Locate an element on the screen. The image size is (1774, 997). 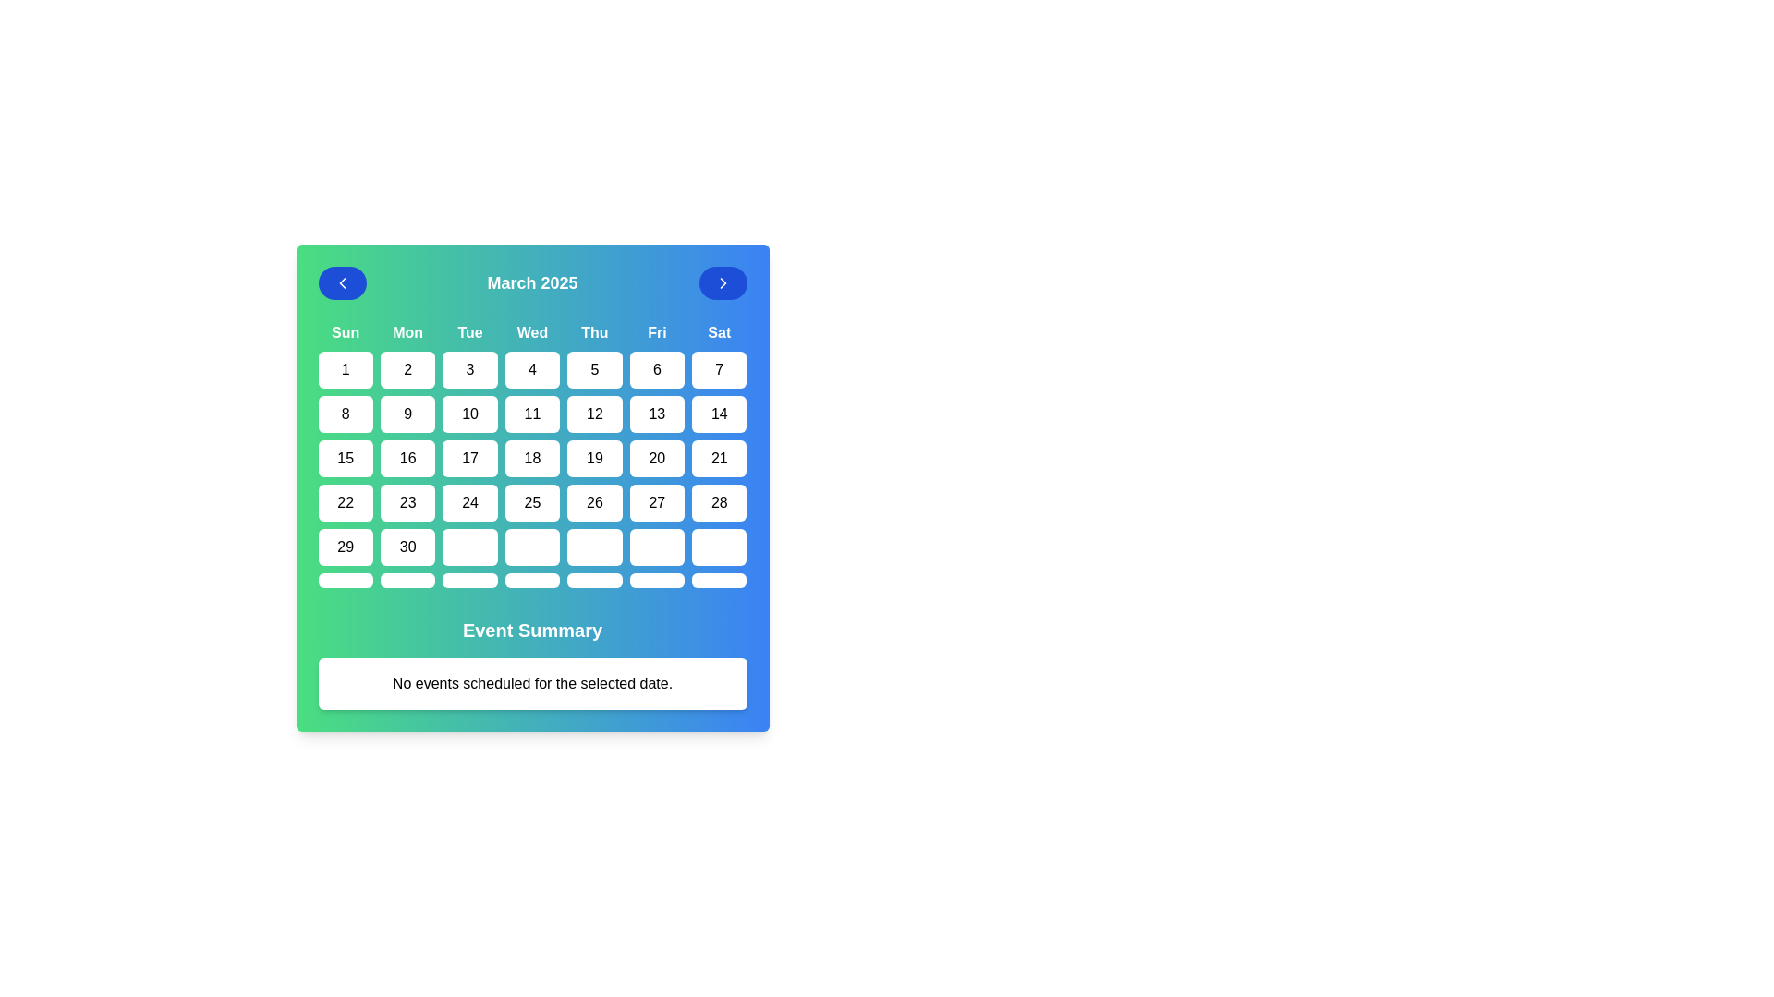
the button displaying the number '1' in black text, located in the top-left corner of the grid under the 'Sun' column header is located at coordinates (346, 370).